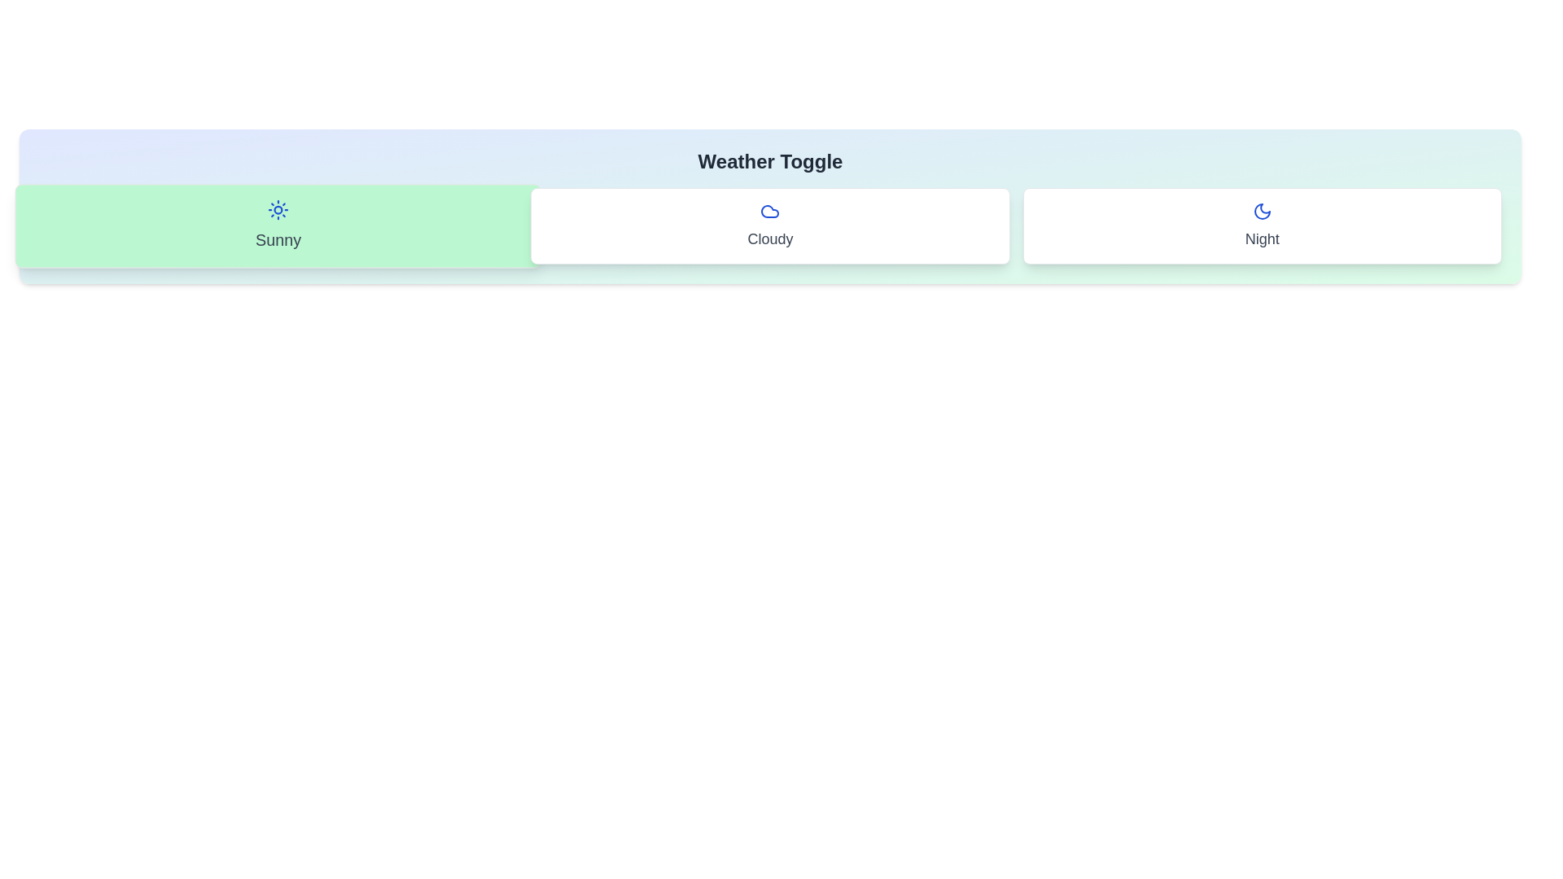  I want to click on the 'Cloudy' option in the WeatherToggle component to toggle its state, so click(769, 225).